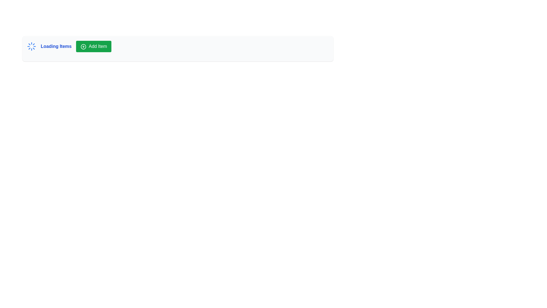  I want to click on the Loading Spinner Icon, which is a visual indicator on the left side of the 'Loading Items' text and the 'Add Item' button, so click(31, 46).